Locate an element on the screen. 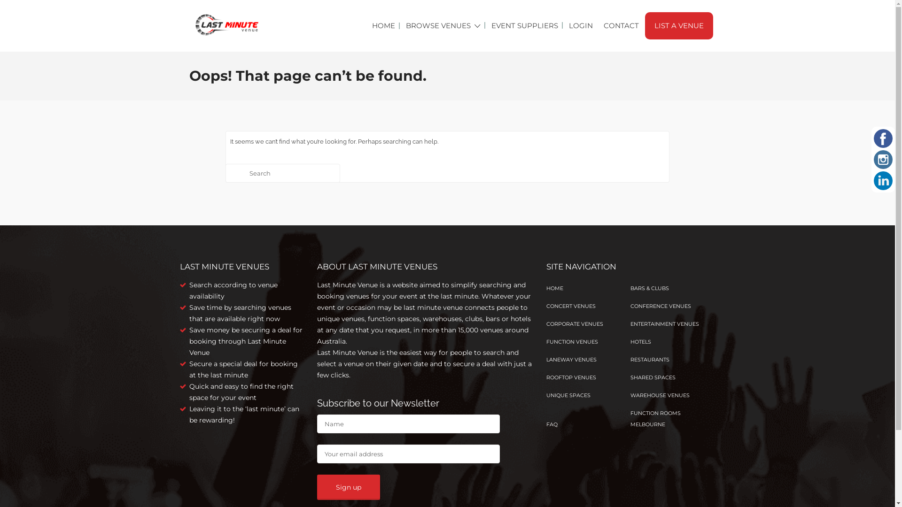 Image resolution: width=902 pixels, height=507 pixels. 'ENTERTAINMENT VENUES' is located at coordinates (664, 323).